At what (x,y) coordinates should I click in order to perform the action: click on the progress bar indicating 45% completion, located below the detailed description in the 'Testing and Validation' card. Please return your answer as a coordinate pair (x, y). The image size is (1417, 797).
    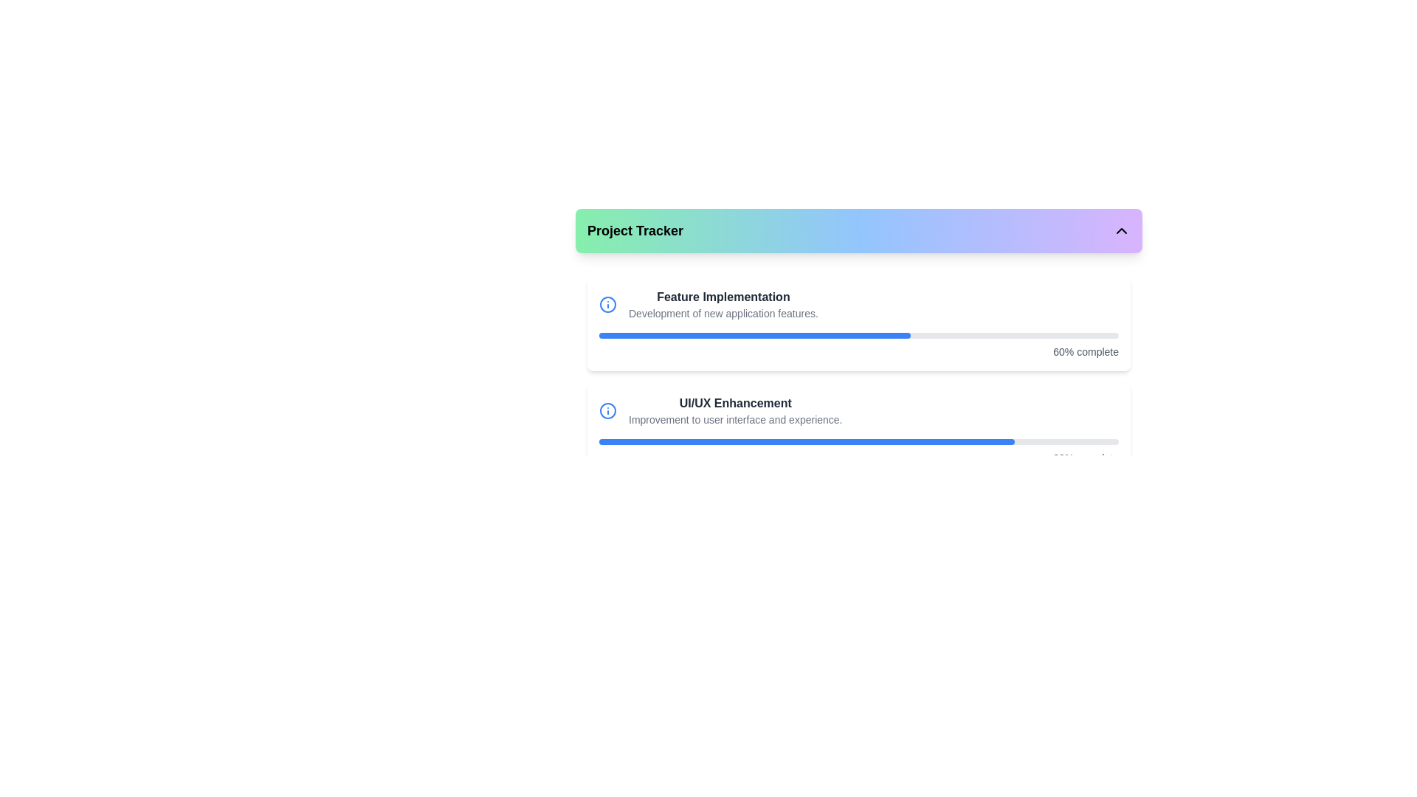
    Looking at the image, I should click on (858, 548).